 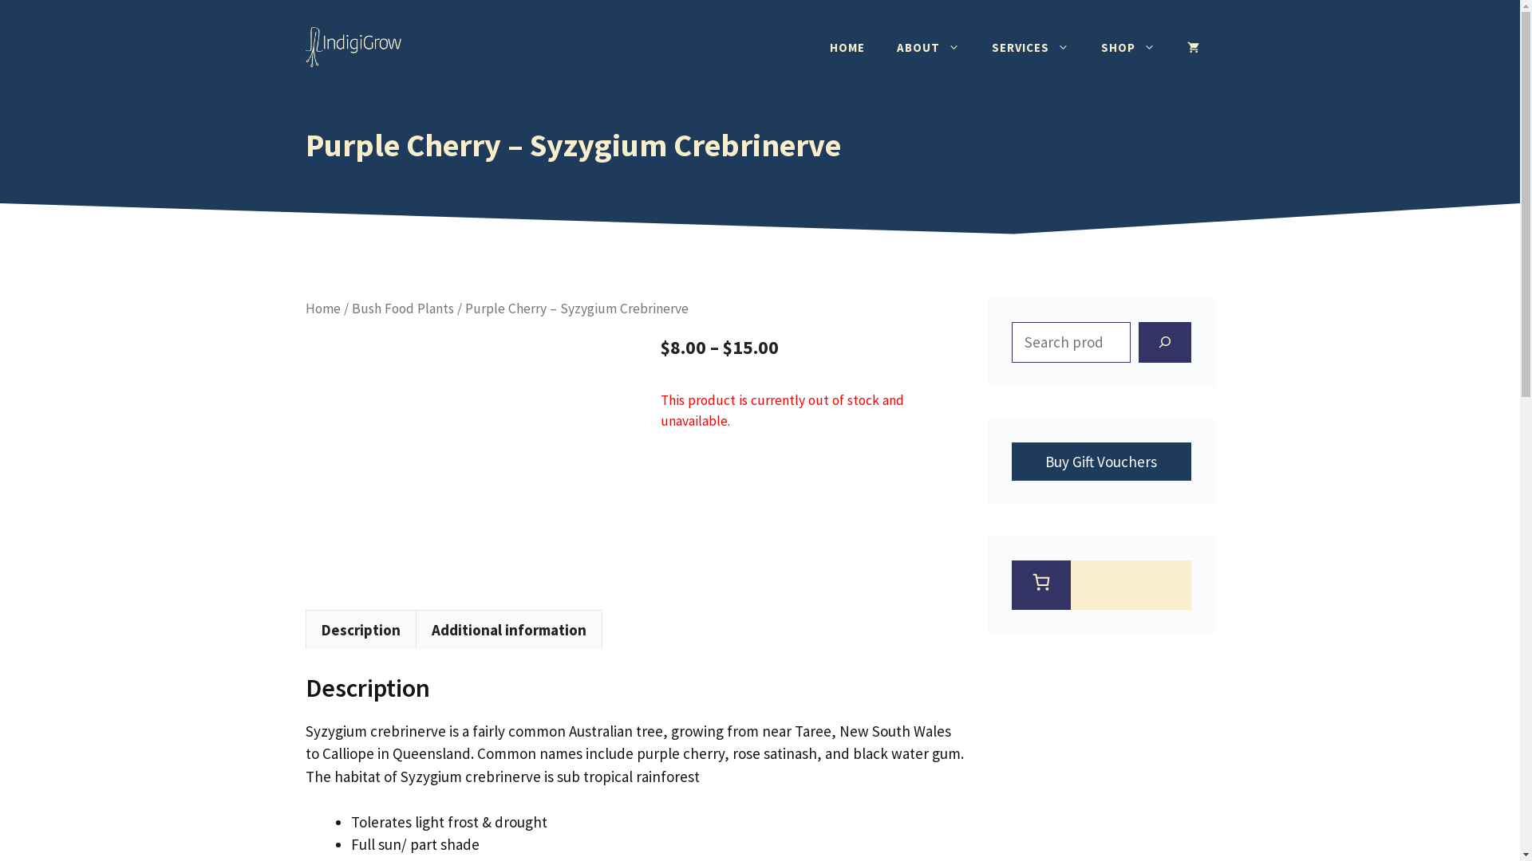 What do you see at coordinates (359, 629) in the screenshot?
I see `'Description'` at bounding box center [359, 629].